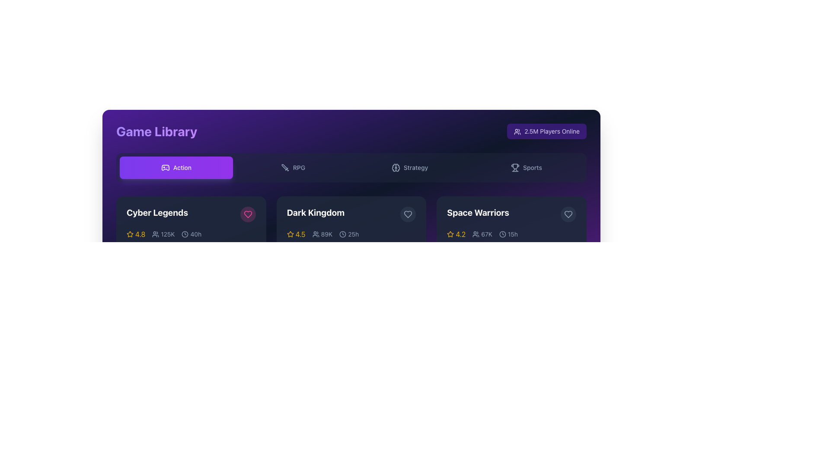 Image resolution: width=830 pixels, height=467 pixels. I want to click on the gamepad icon representing the 'Action' category located in the top-left section of the Game Library interface, so click(165, 168).